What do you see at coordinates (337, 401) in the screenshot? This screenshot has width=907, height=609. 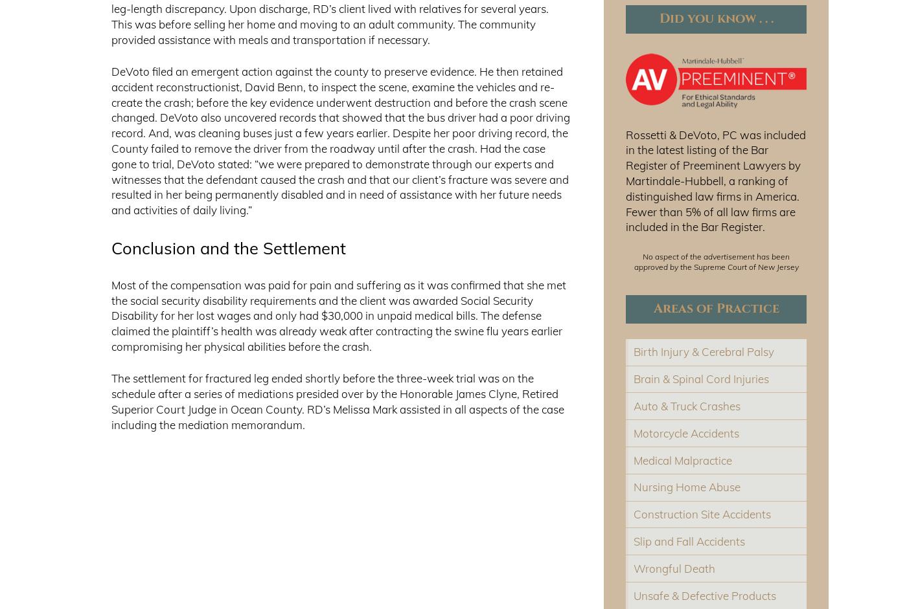 I see `'The settlement for fractured leg ended shortly before the three-week trial was on the schedule after a series of mediations presided over by the Honorable James Clyne, Retired Superior Court Judge in Ocean County. RD’s Melissa Mark assisted in all aspects of the case including the mediation memorandum.'` at bounding box center [337, 401].